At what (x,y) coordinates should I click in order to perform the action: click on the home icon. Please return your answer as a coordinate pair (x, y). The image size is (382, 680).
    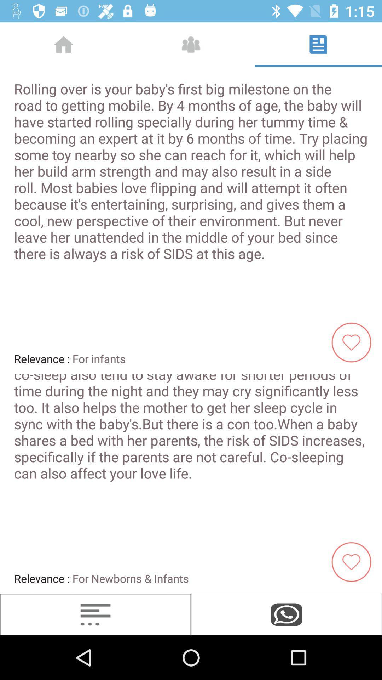
    Looking at the image, I should click on (64, 44).